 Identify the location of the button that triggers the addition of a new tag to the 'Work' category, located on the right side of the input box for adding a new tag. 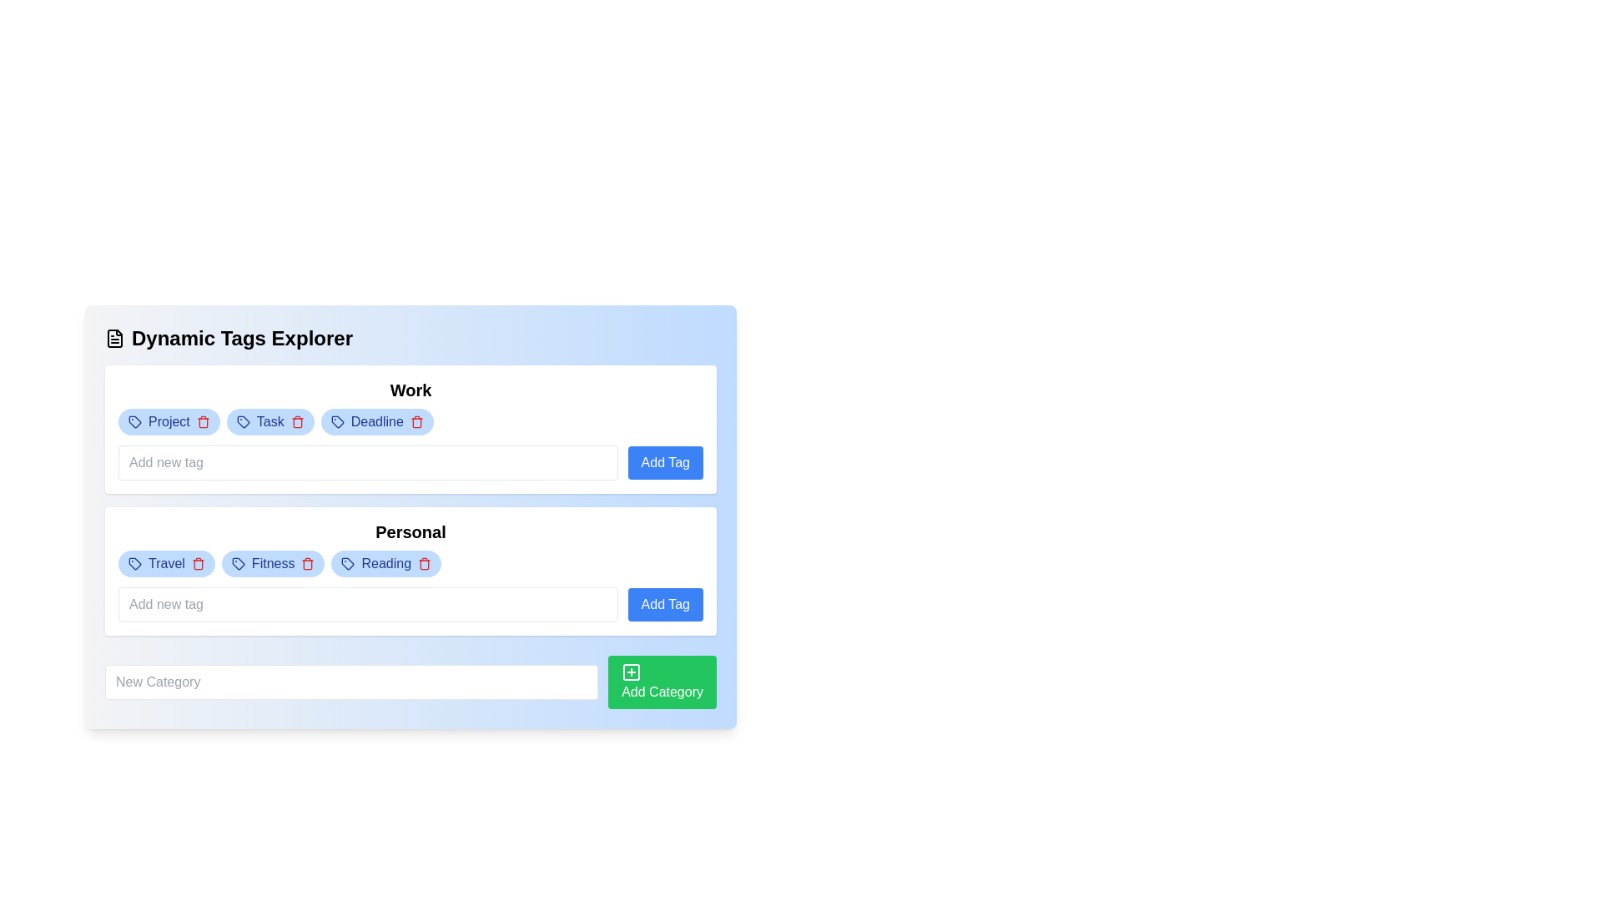
(664, 463).